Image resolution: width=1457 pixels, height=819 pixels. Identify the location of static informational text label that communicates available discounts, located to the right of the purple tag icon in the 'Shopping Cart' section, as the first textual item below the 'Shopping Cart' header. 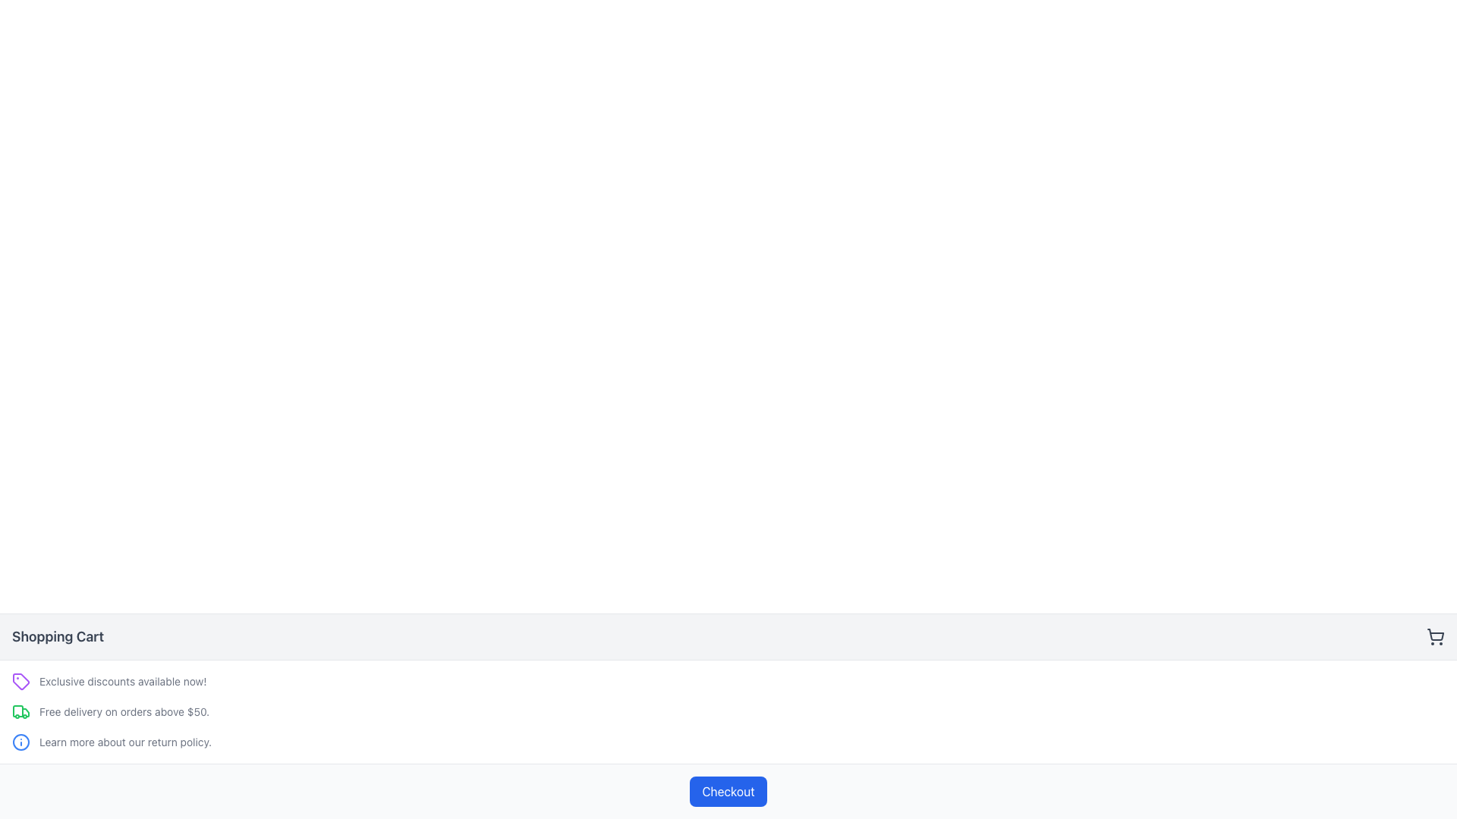
(123, 680).